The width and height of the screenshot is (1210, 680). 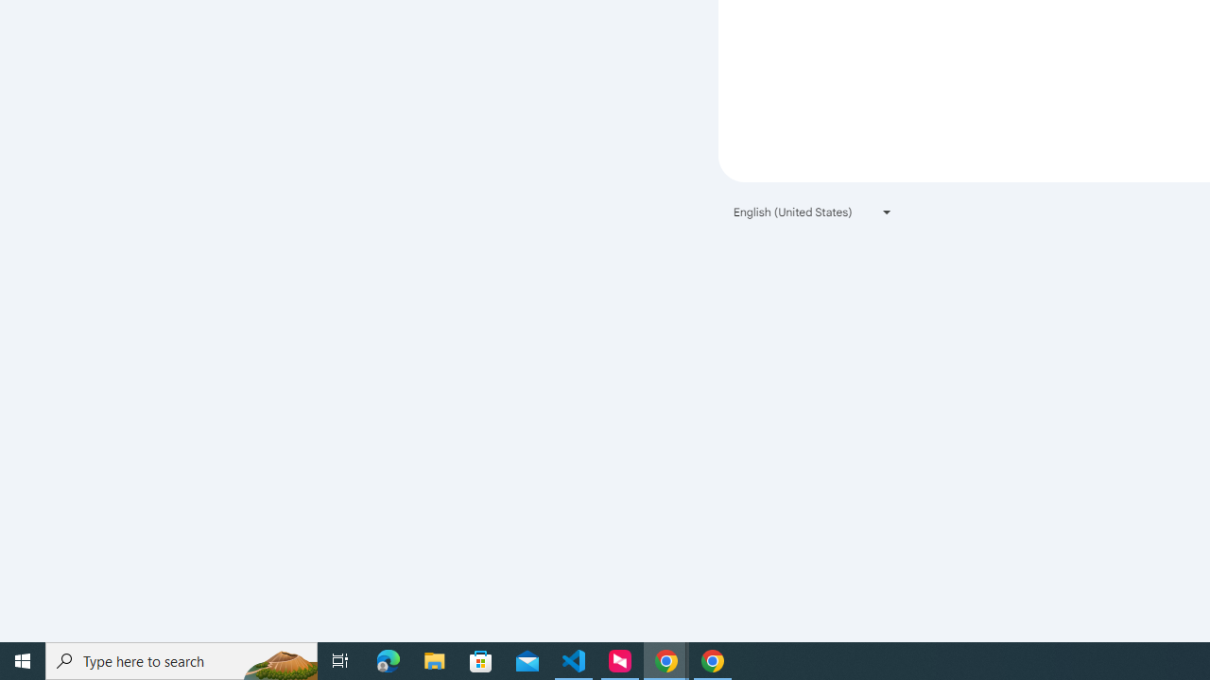 What do you see at coordinates (813, 212) in the screenshot?
I see `'English (United States)'` at bounding box center [813, 212].